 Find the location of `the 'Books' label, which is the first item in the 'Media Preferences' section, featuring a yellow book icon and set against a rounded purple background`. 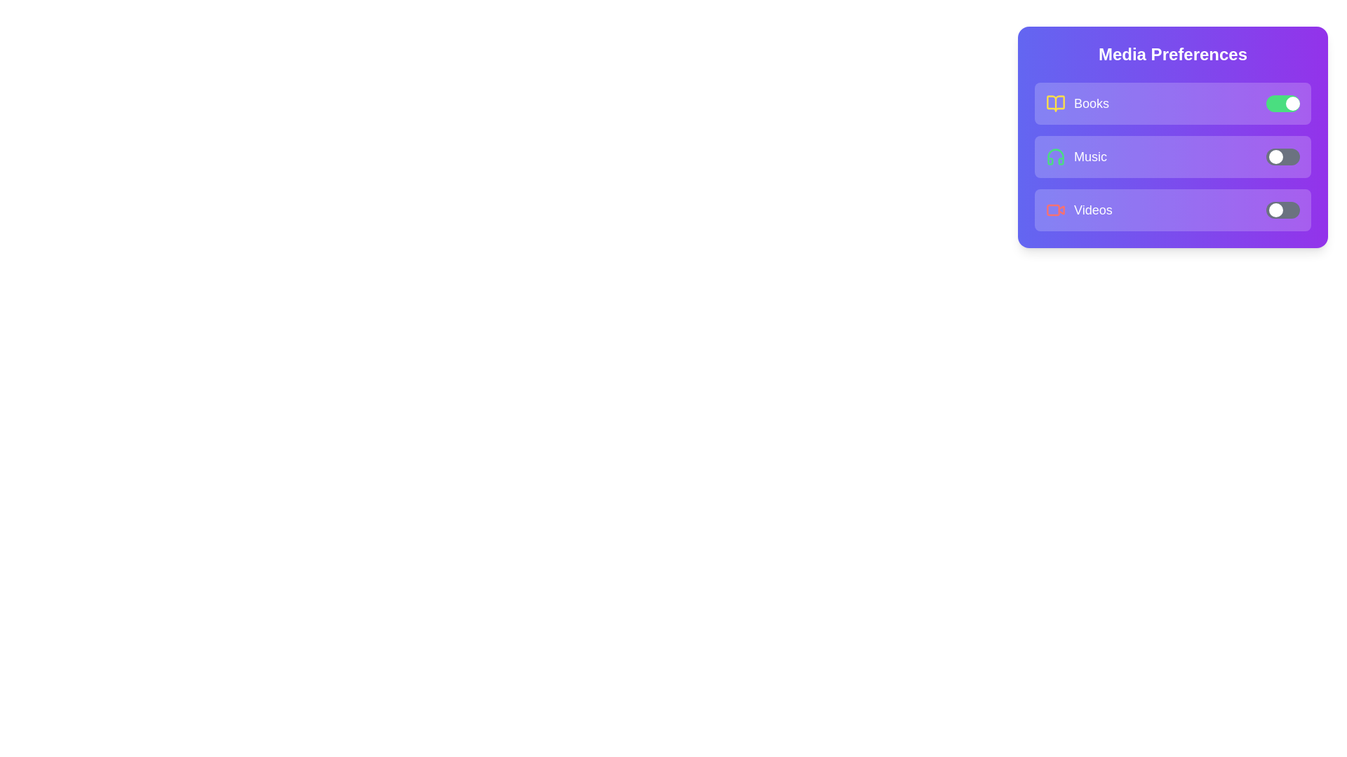

the 'Books' label, which is the first item in the 'Media Preferences' section, featuring a yellow book icon and set against a rounded purple background is located at coordinates (1077, 102).